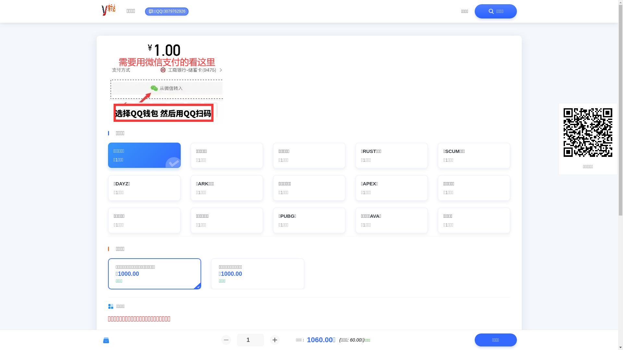 The height and width of the screenshot is (350, 623). Describe the element at coordinates (563, 132) in the screenshot. I see `'https://shop.58yunka.cn//link/3403FCDF'` at that location.